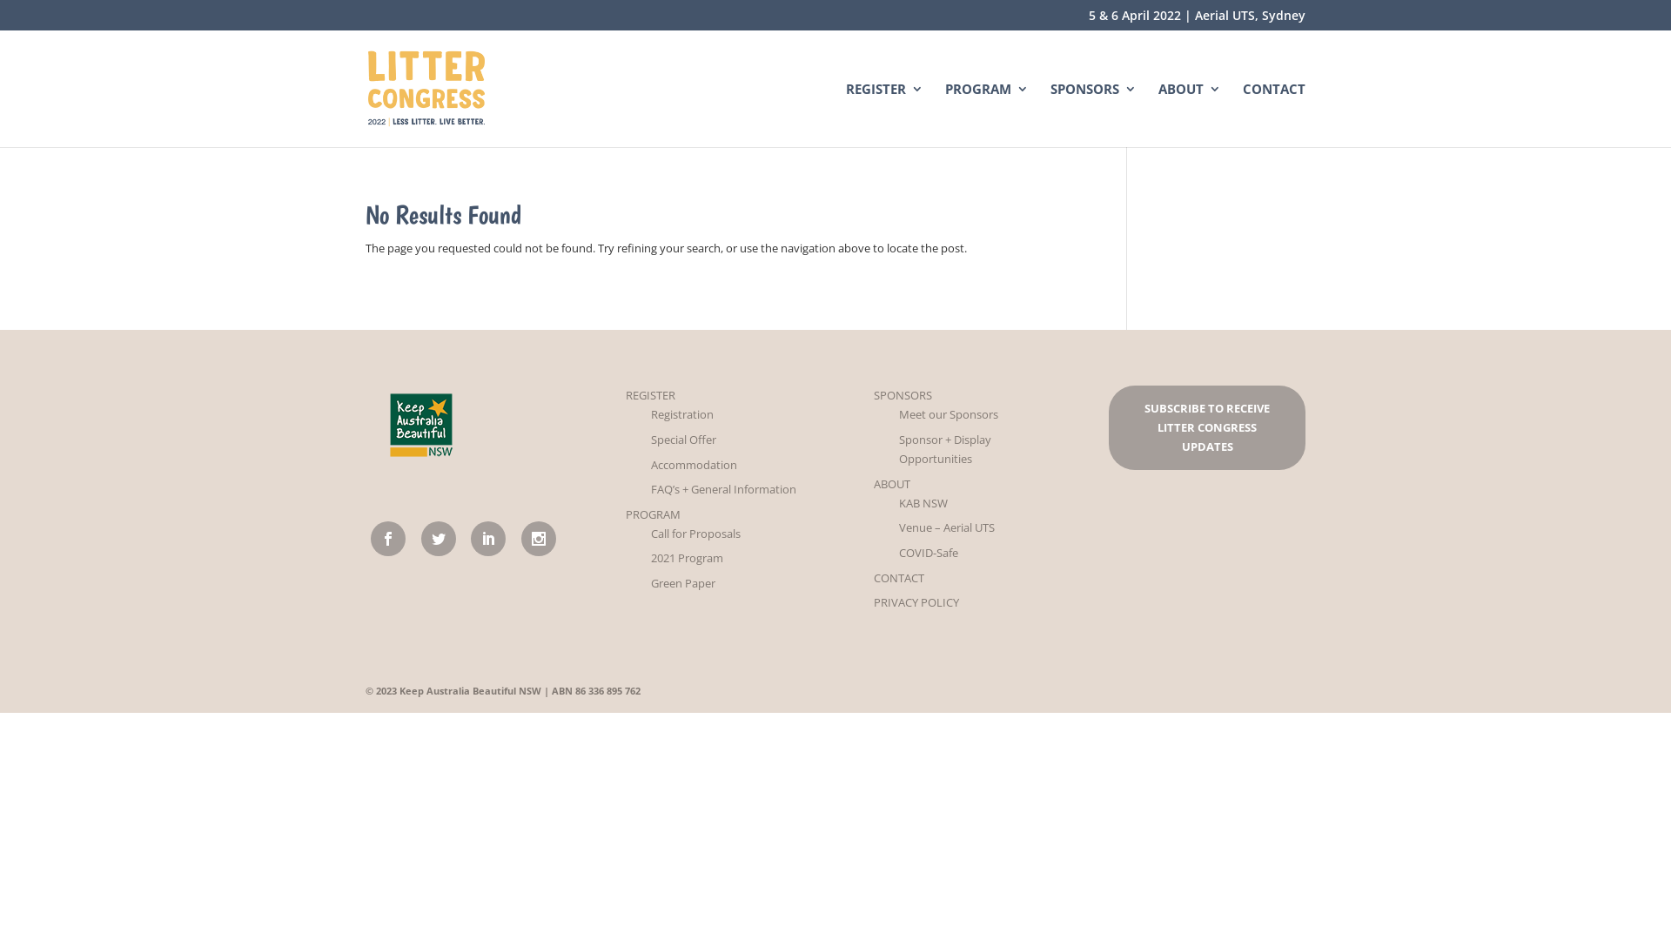 The height and width of the screenshot is (940, 1671). I want to click on 'SPONSORS', so click(903, 395).